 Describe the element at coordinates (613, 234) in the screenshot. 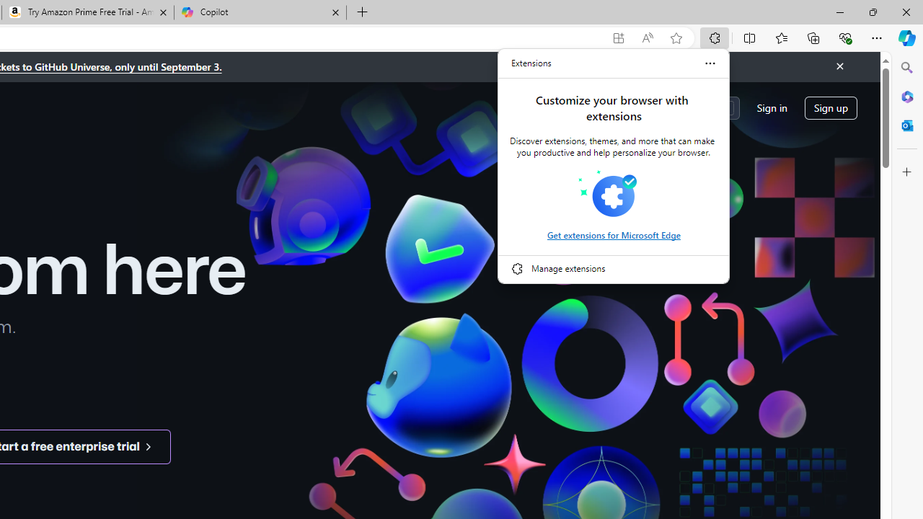

I see `'Get extensions for Microsoft Edge'` at that location.